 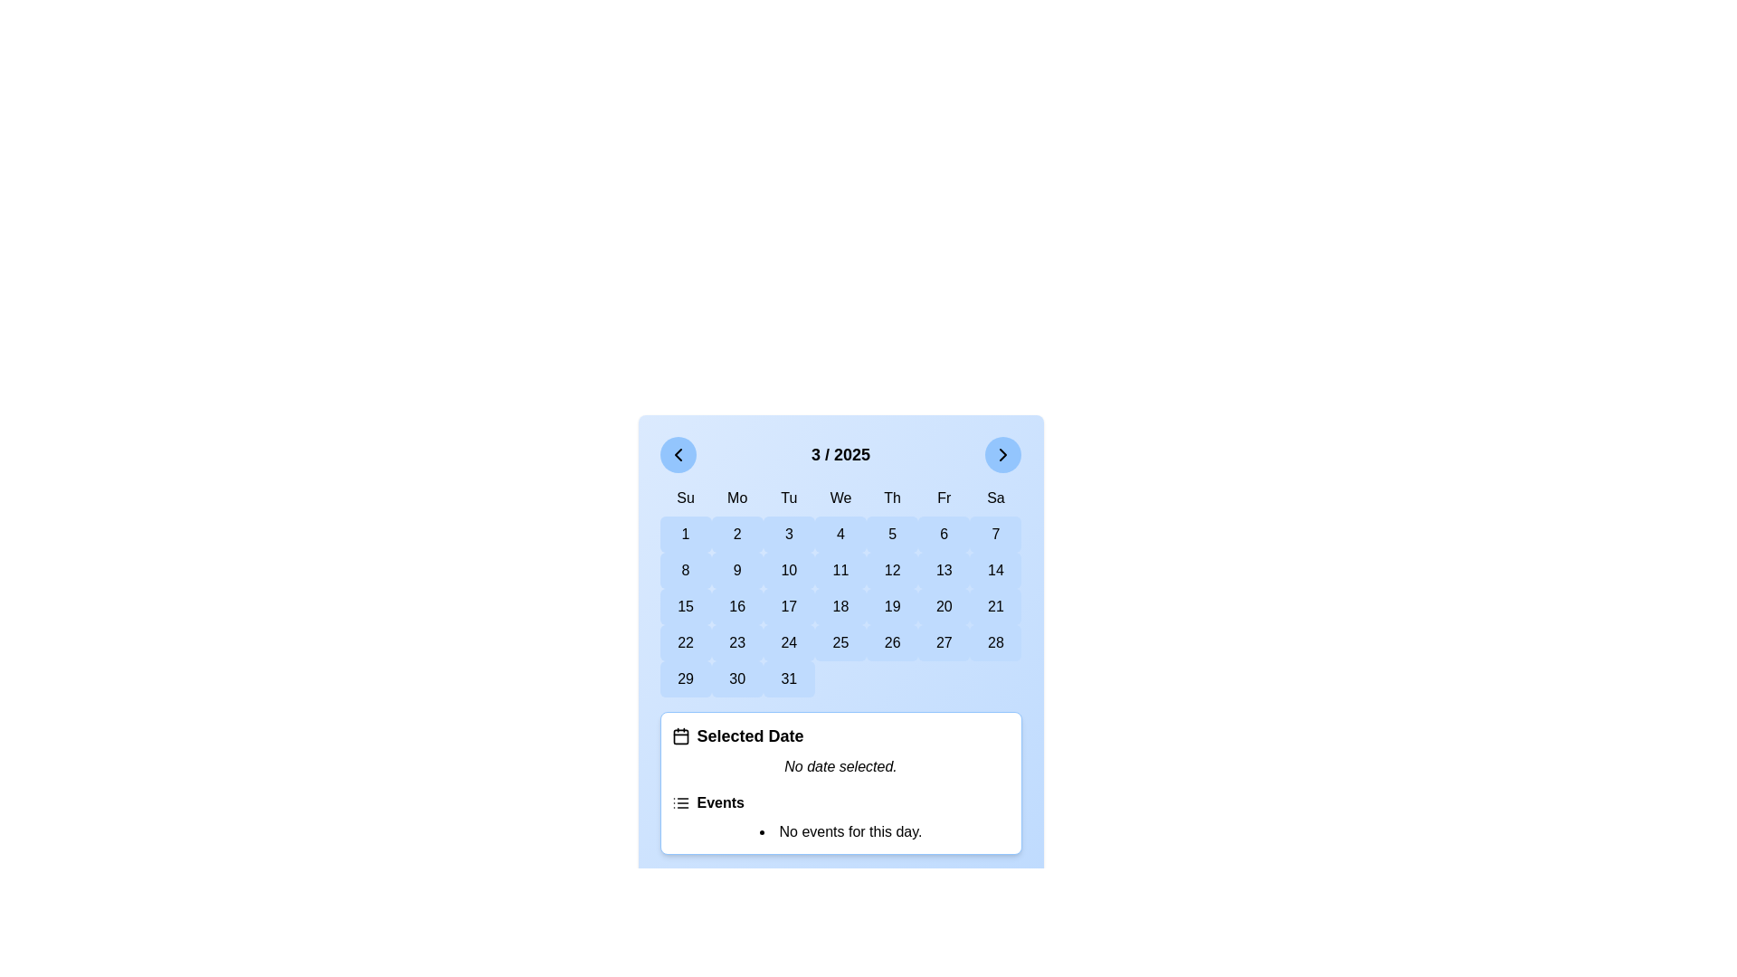 What do you see at coordinates (789, 571) in the screenshot?
I see `the calendar date cell with the number '10' located under 'Tu' in the monthly calendar view` at bounding box center [789, 571].